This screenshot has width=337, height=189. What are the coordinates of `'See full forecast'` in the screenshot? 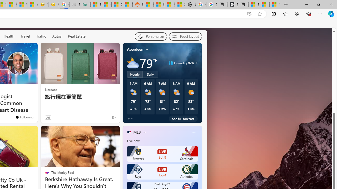 It's located at (183, 118).